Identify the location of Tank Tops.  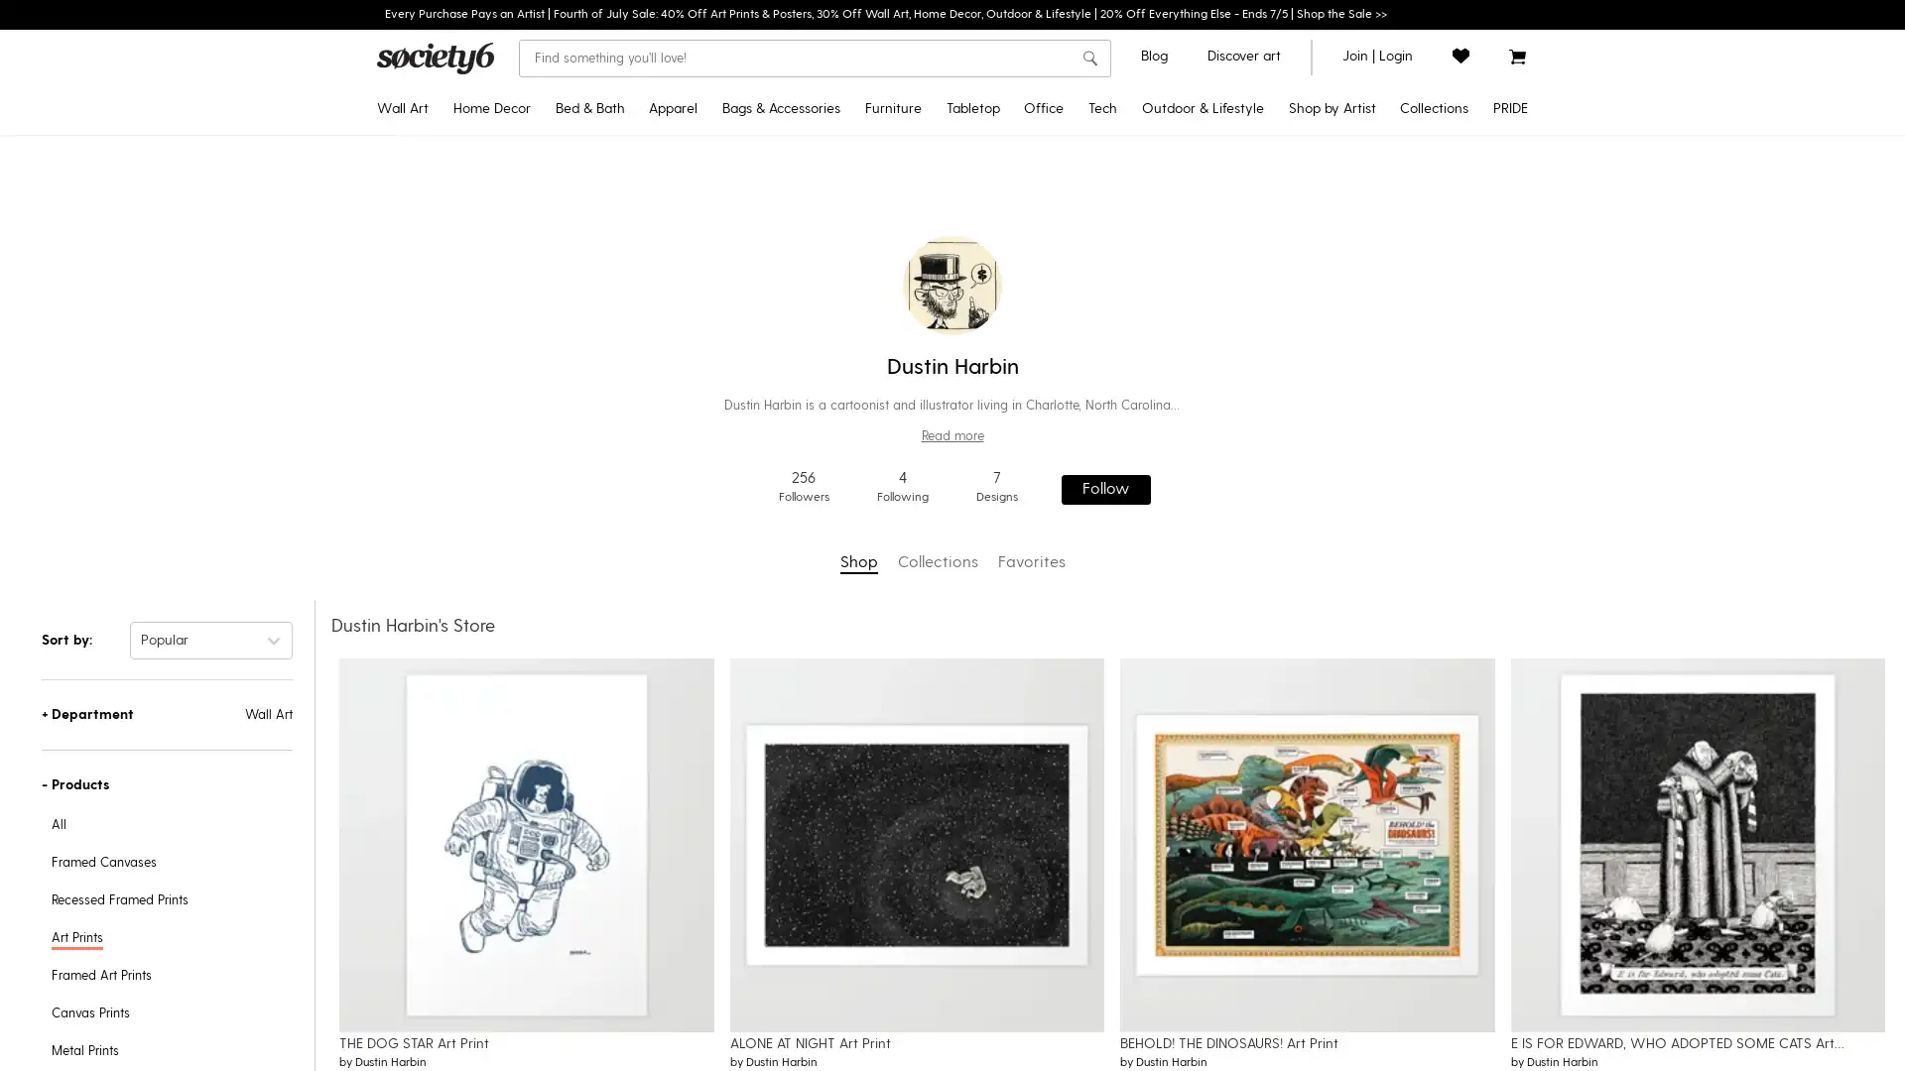
(735, 350).